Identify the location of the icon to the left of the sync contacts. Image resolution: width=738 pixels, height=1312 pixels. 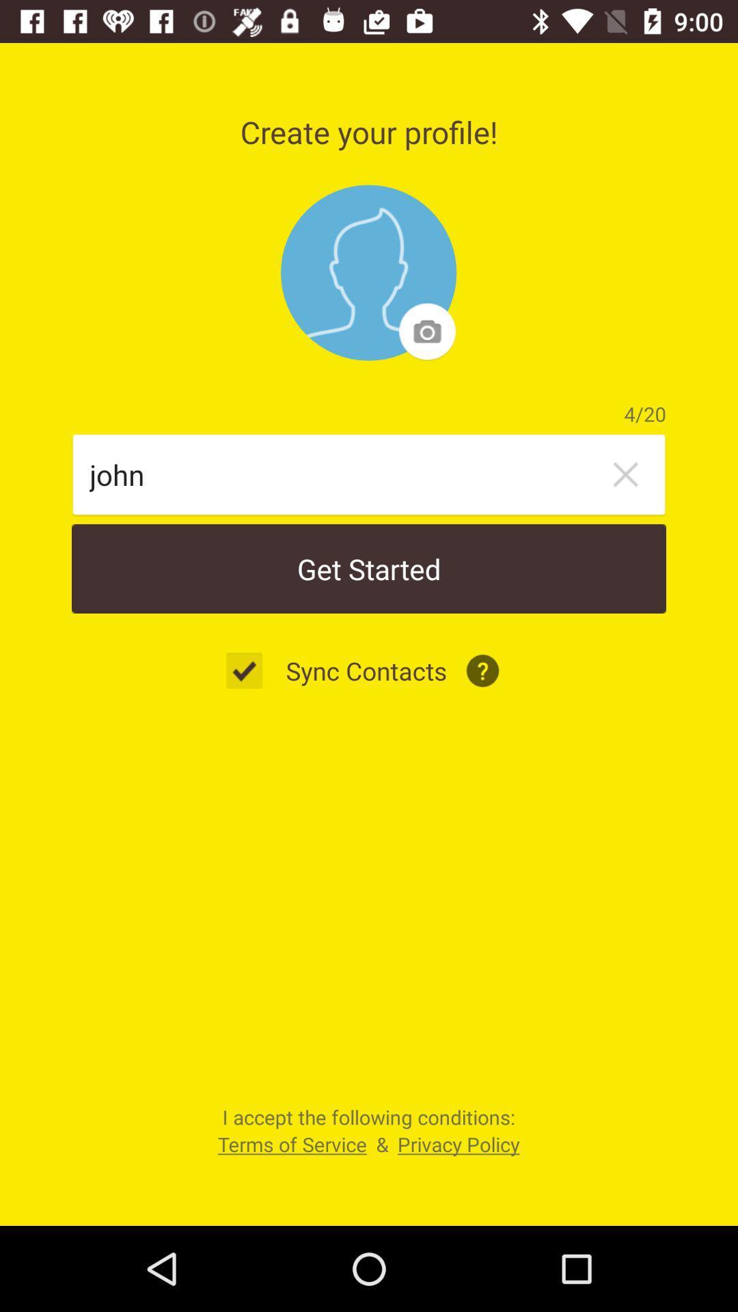
(251, 670).